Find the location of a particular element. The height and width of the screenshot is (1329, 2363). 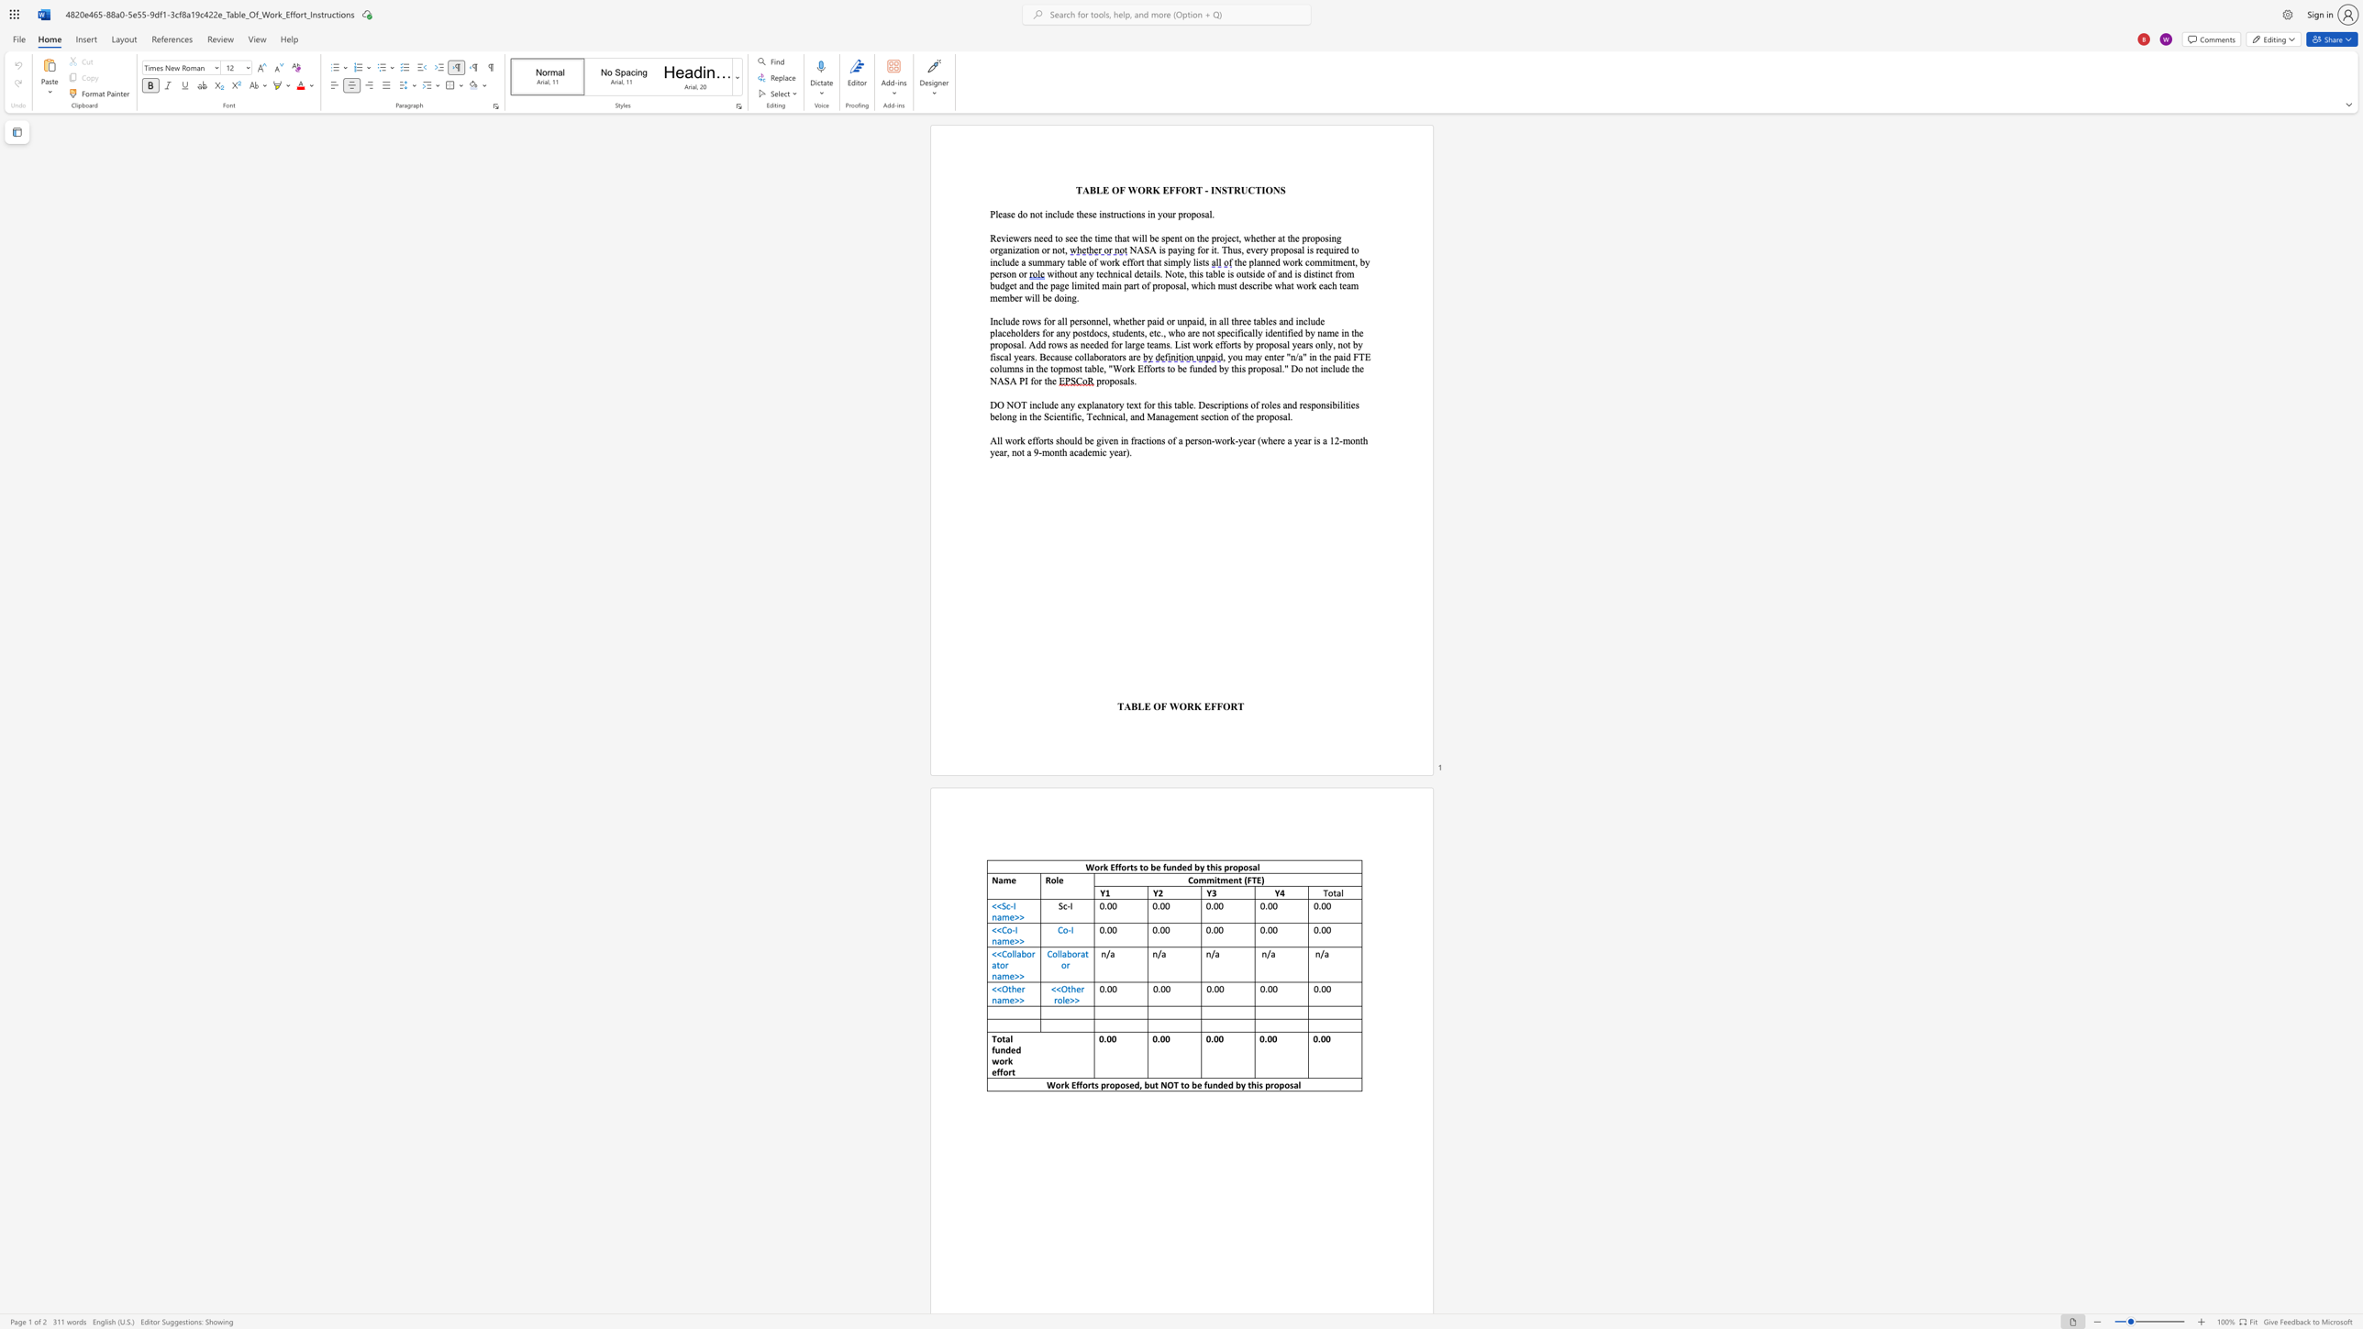

the subset text "Other r" within the text "<<Other role>>" is located at coordinates (1060, 988).